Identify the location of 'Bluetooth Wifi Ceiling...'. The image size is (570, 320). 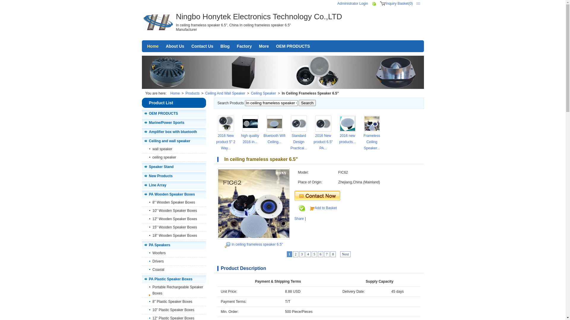
(274, 139).